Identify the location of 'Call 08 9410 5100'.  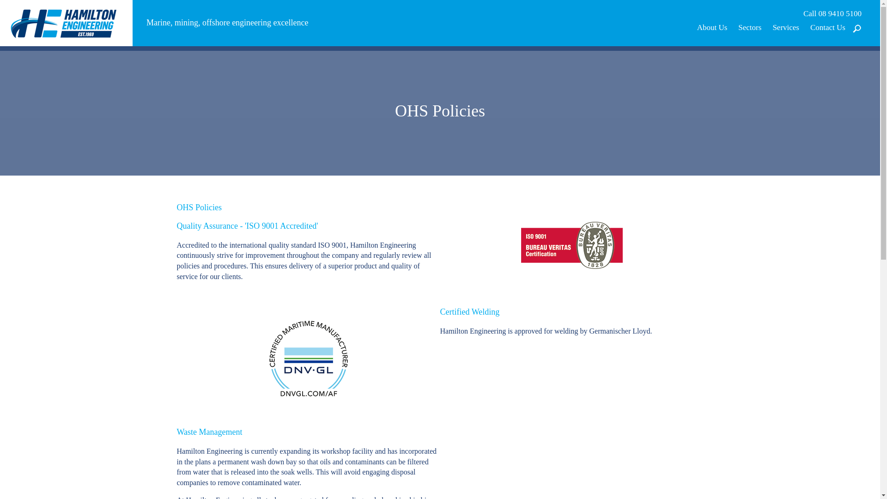
(832, 14).